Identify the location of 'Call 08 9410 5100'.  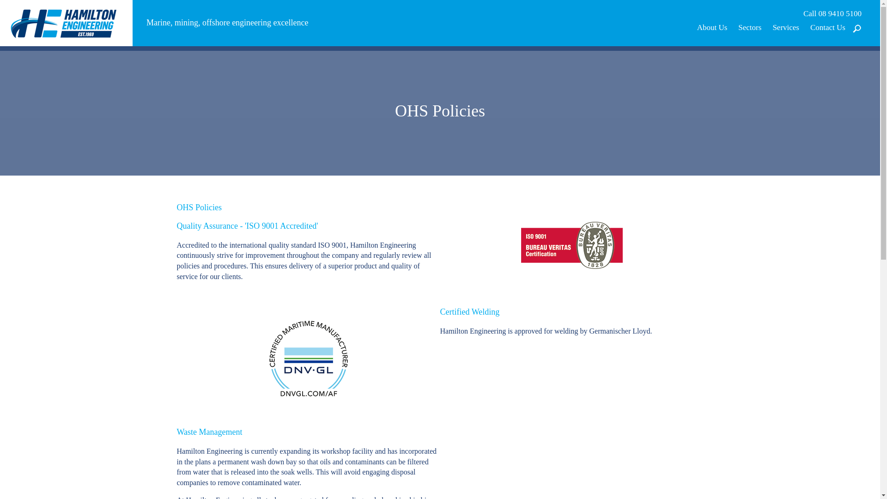
(832, 14).